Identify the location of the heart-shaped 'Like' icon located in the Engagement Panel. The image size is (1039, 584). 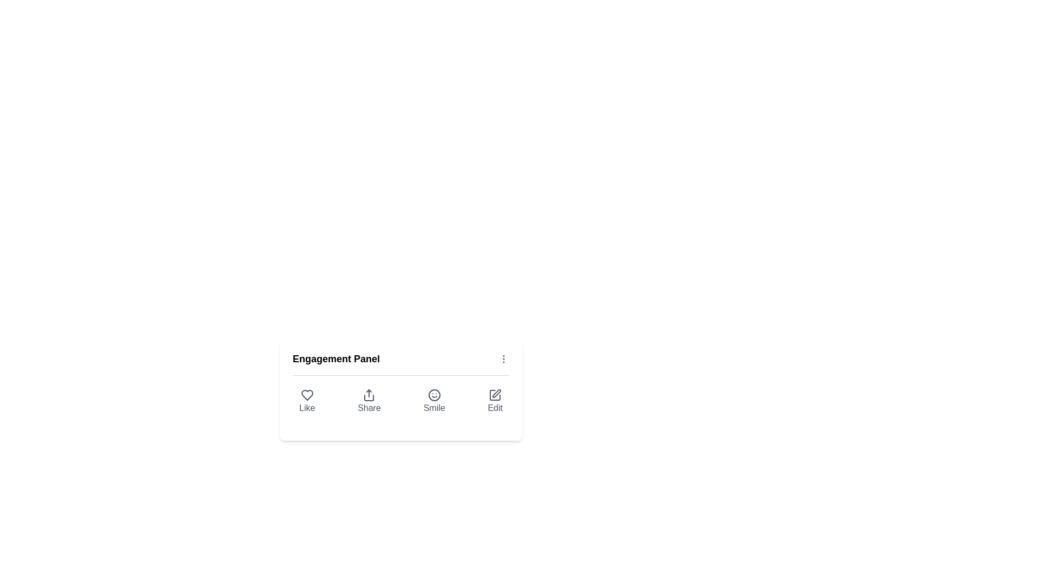
(306, 395).